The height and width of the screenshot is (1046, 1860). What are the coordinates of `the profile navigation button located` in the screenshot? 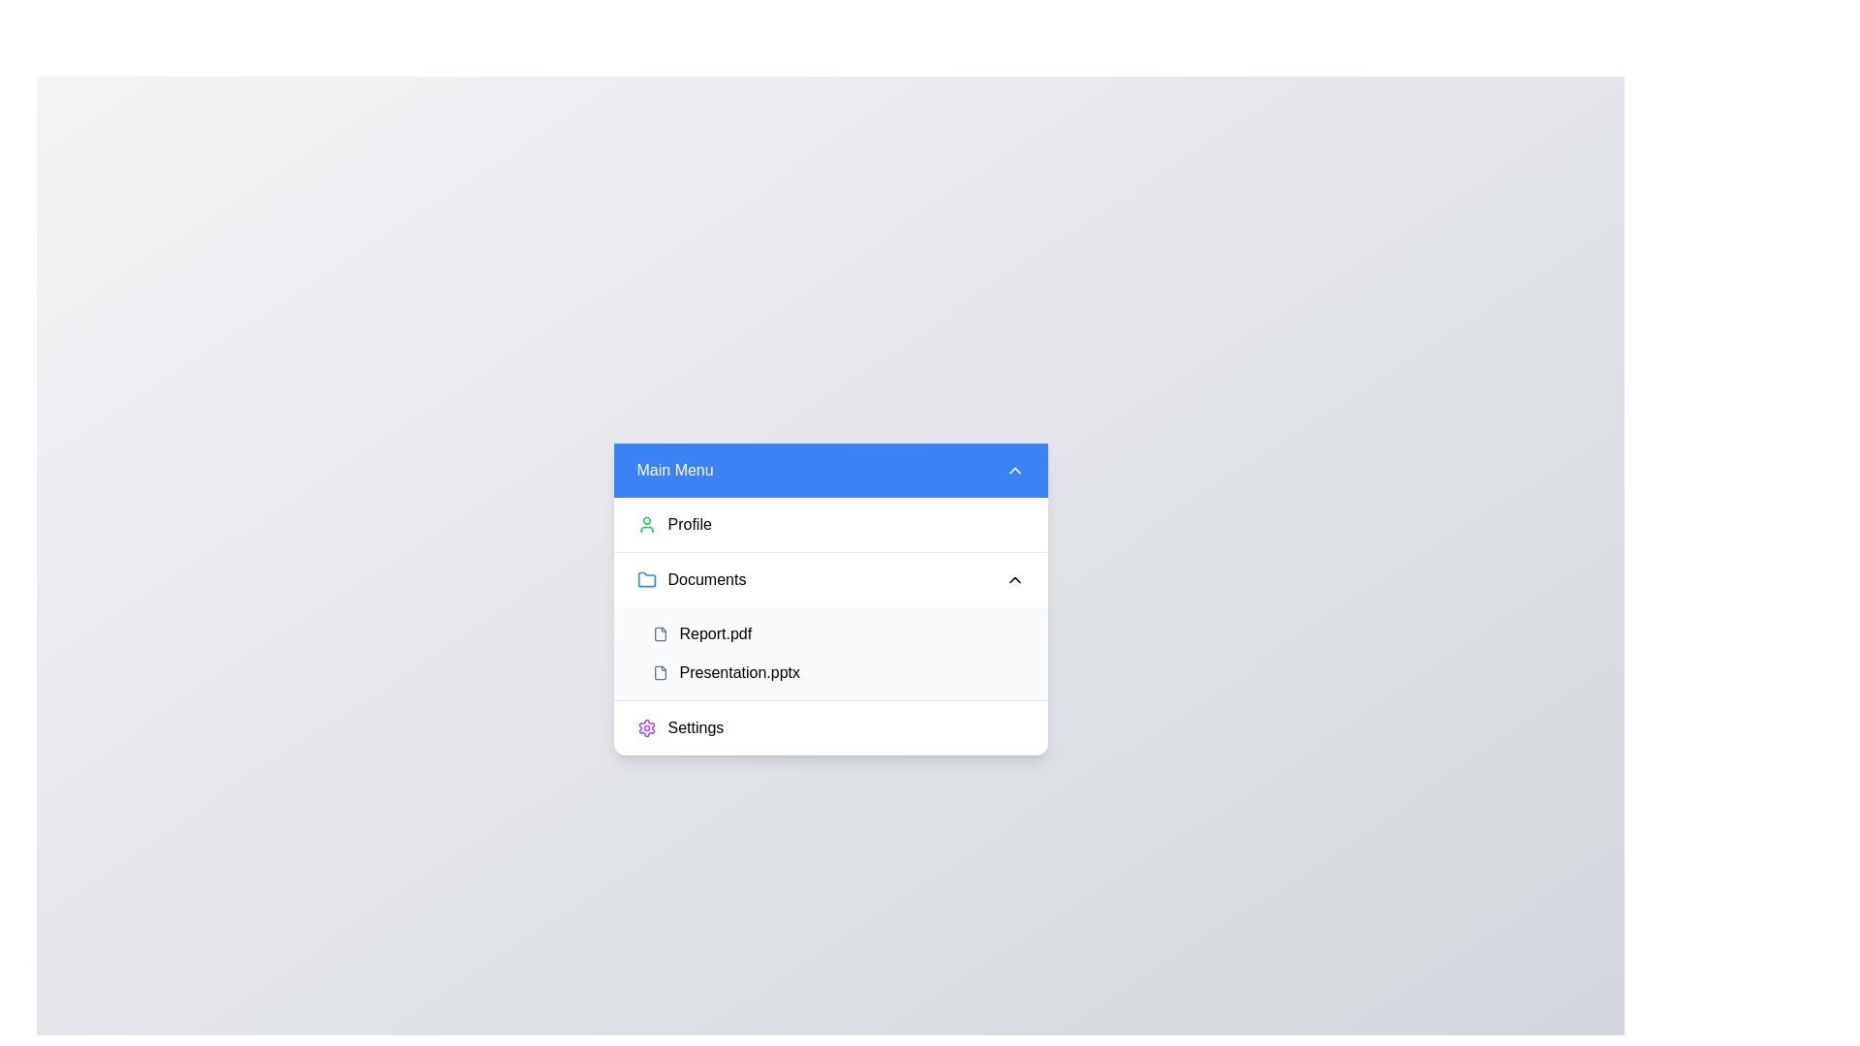 It's located at (830, 525).